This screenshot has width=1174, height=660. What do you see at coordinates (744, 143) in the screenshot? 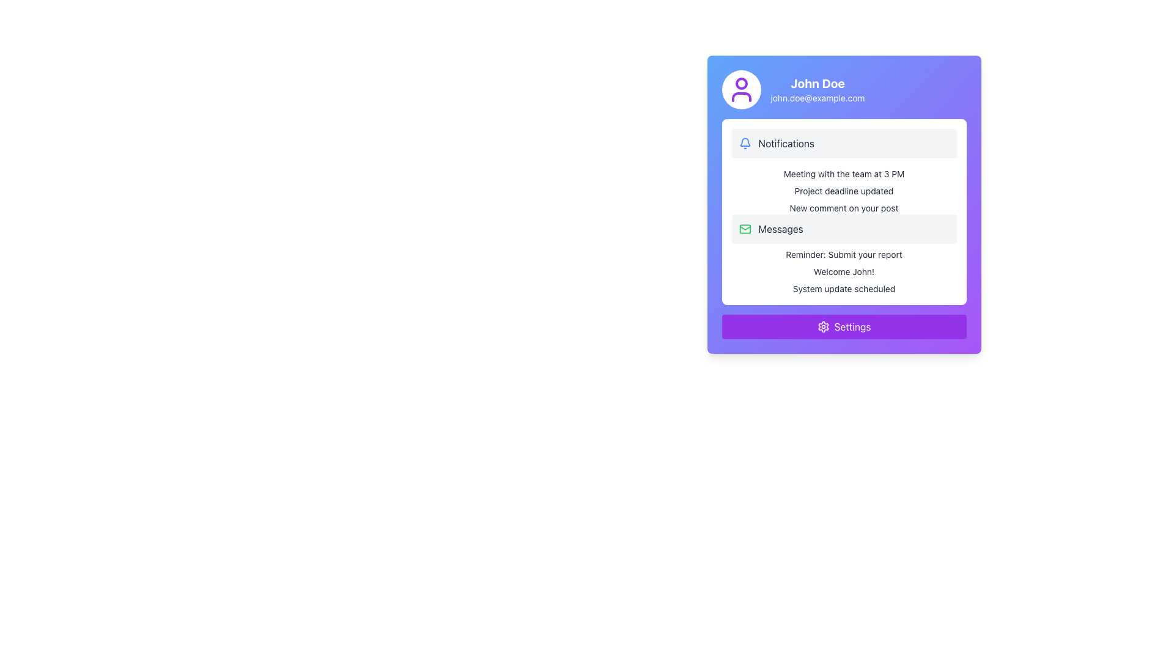
I see `the small bell-shaped icon with a blue outline located to the left of the text 'Notifications' in the Notifications section` at bounding box center [744, 143].